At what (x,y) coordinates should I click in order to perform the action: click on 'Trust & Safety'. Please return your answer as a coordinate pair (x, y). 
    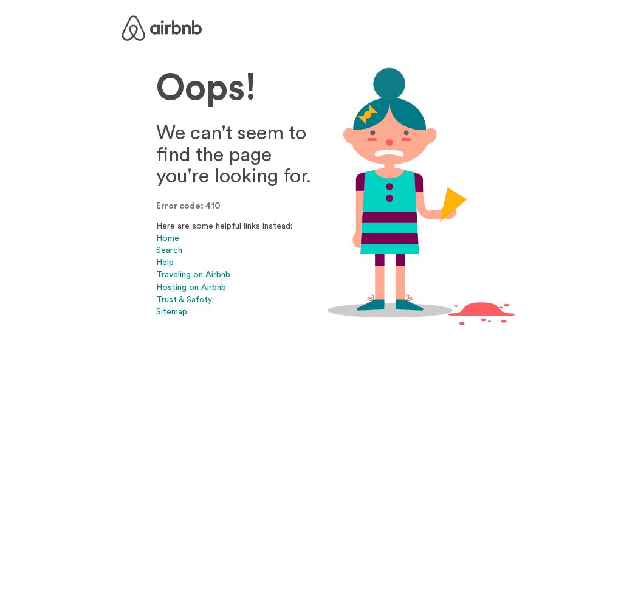
    Looking at the image, I should click on (184, 298).